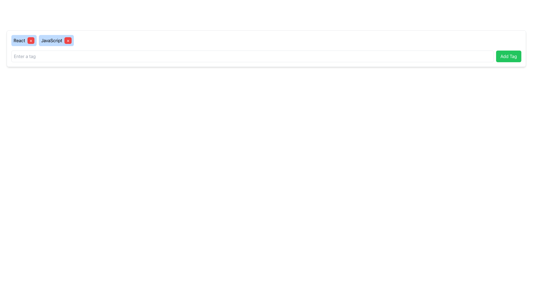 Image resolution: width=533 pixels, height=300 pixels. I want to click on the close button, so click(31, 40).